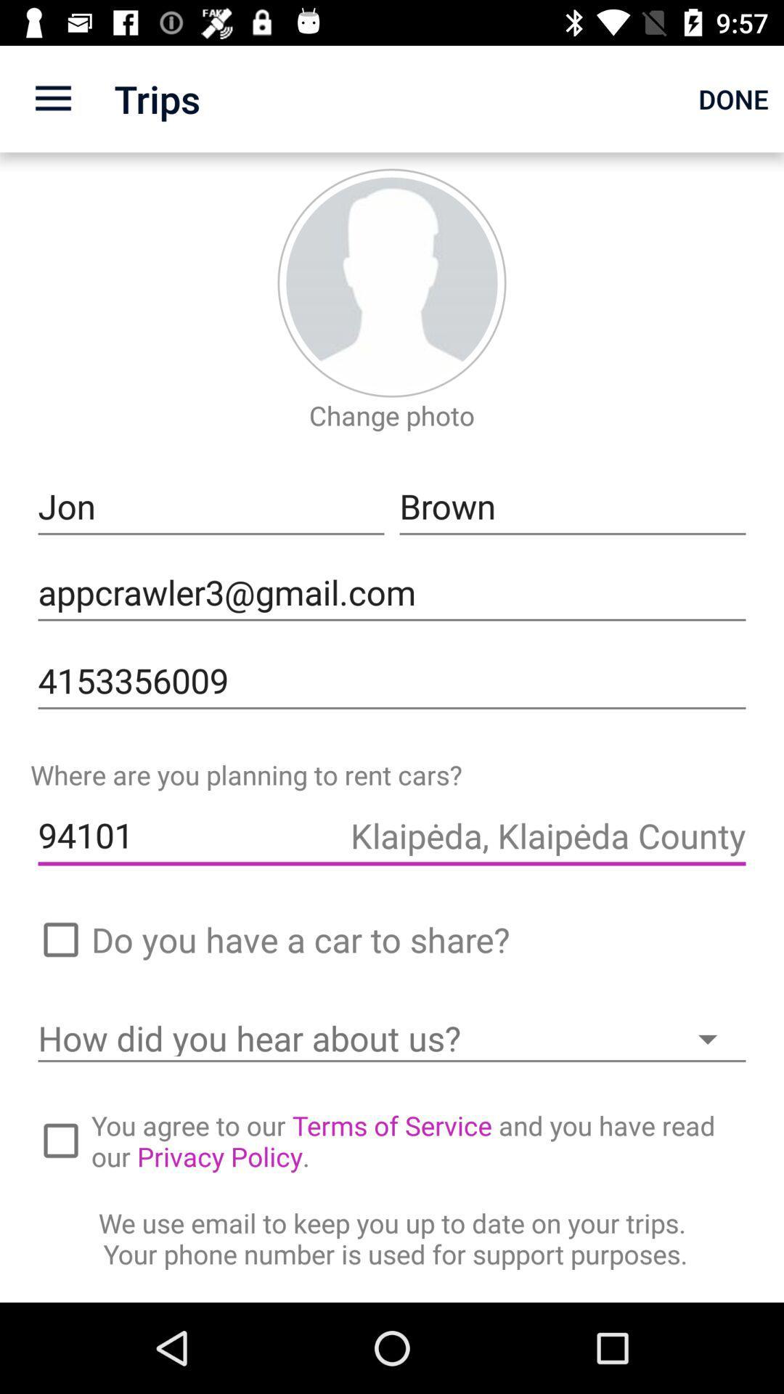 The image size is (784, 1394). Describe the element at coordinates (52, 98) in the screenshot. I see `app to the left of trips app` at that location.